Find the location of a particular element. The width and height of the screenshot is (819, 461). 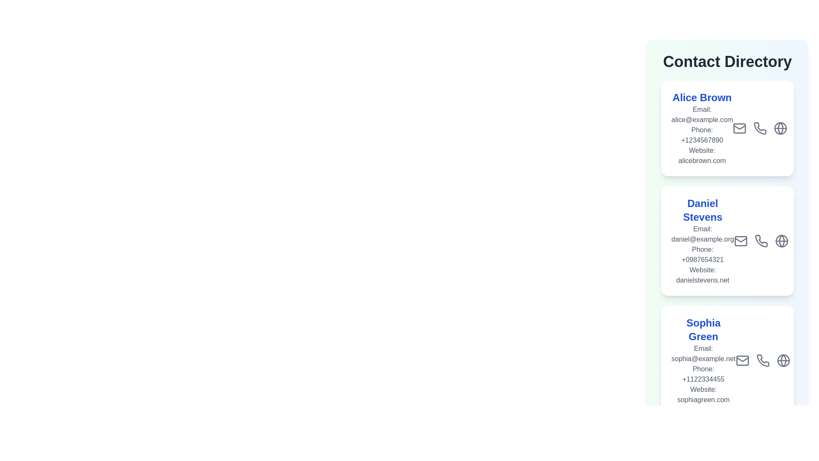

the website icon for the contact Alice Brown is located at coordinates (780, 156).